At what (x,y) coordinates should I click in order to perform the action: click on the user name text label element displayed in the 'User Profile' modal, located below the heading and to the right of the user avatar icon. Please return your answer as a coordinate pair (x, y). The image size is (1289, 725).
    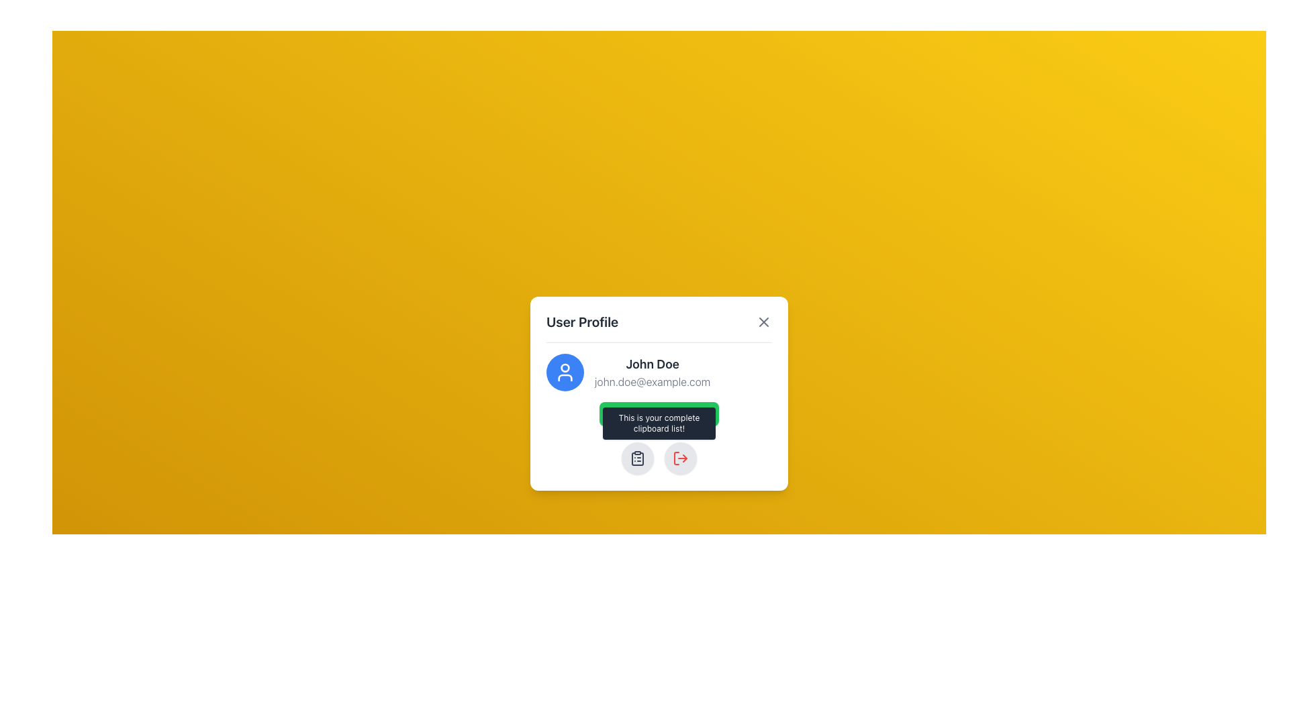
    Looking at the image, I should click on (653, 364).